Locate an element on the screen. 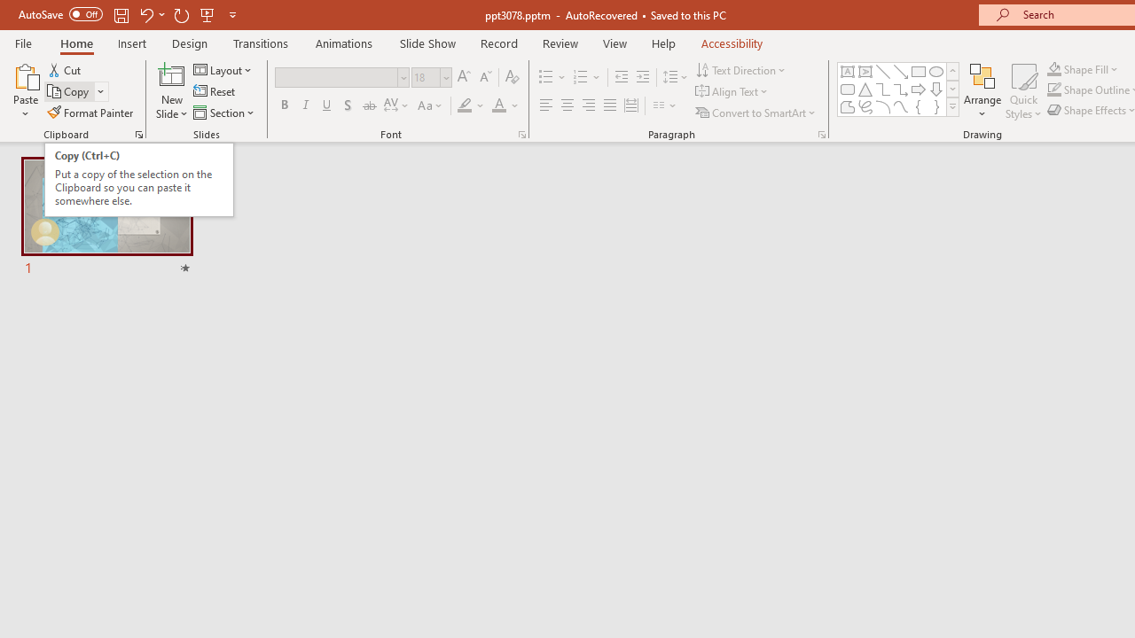  'Vertical Text Box' is located at coordinates (865, 71).